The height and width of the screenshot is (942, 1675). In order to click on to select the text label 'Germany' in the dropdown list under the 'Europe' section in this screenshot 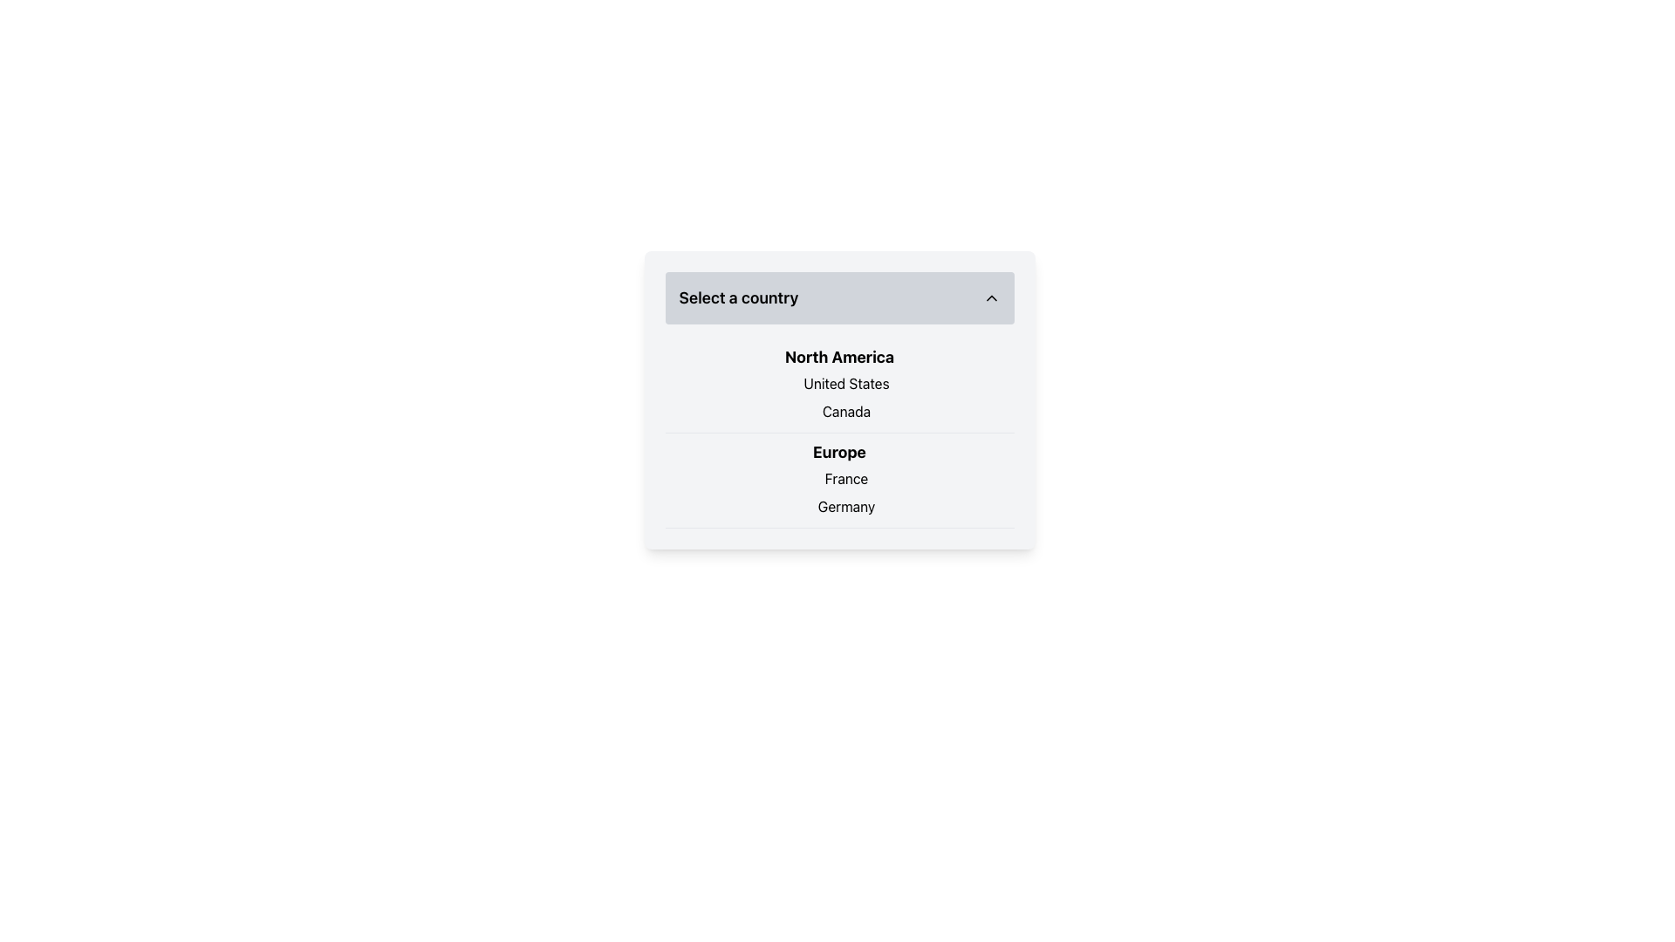, I will do `click(839, 507)`.